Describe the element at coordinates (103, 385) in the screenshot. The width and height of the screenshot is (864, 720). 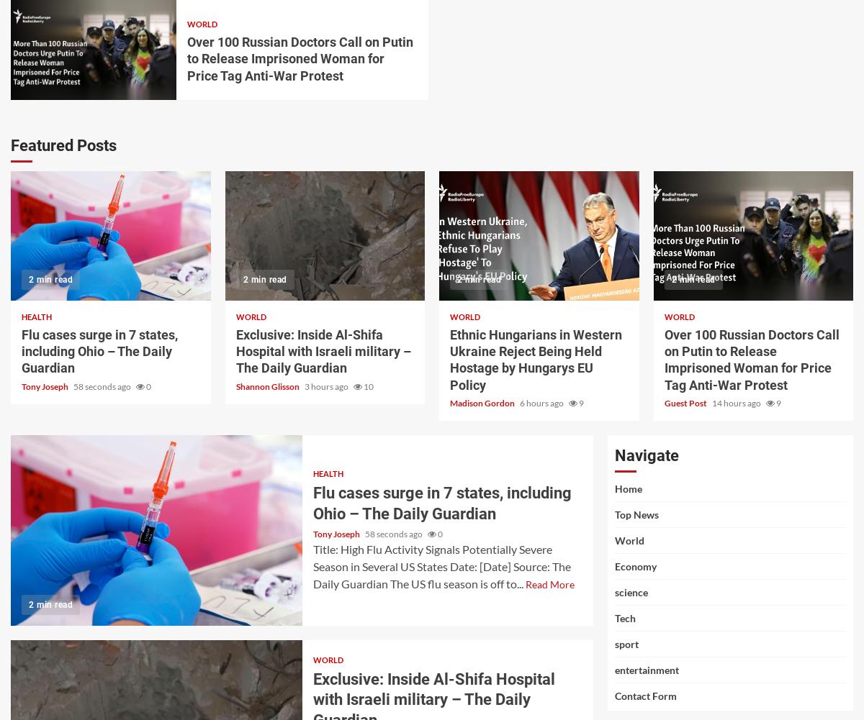
I see `'58 seconds ago'` at that location.